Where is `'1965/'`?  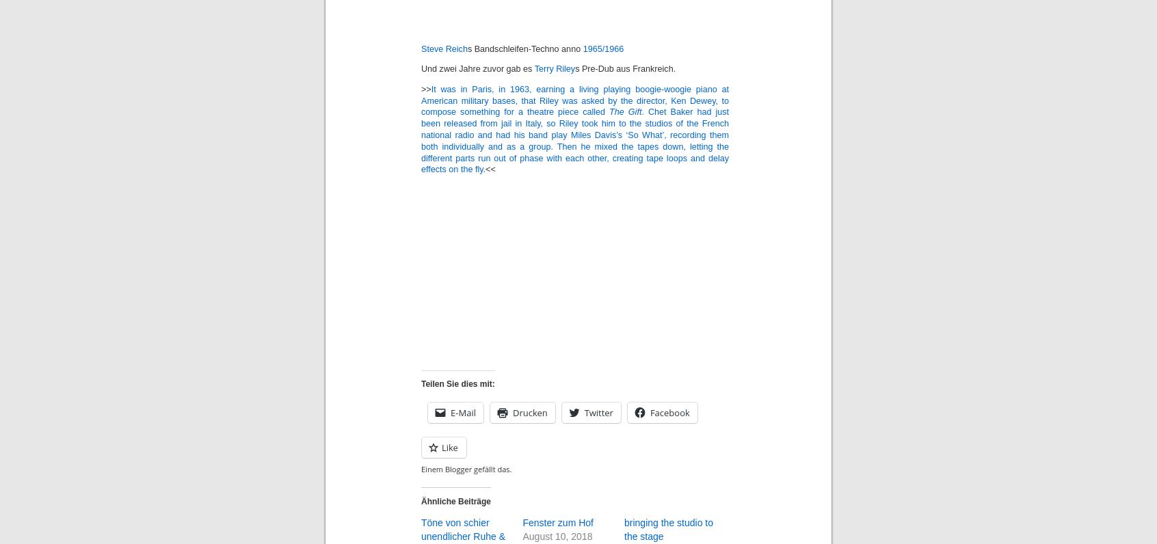 '1965/' is located at coordinates (592, 48).